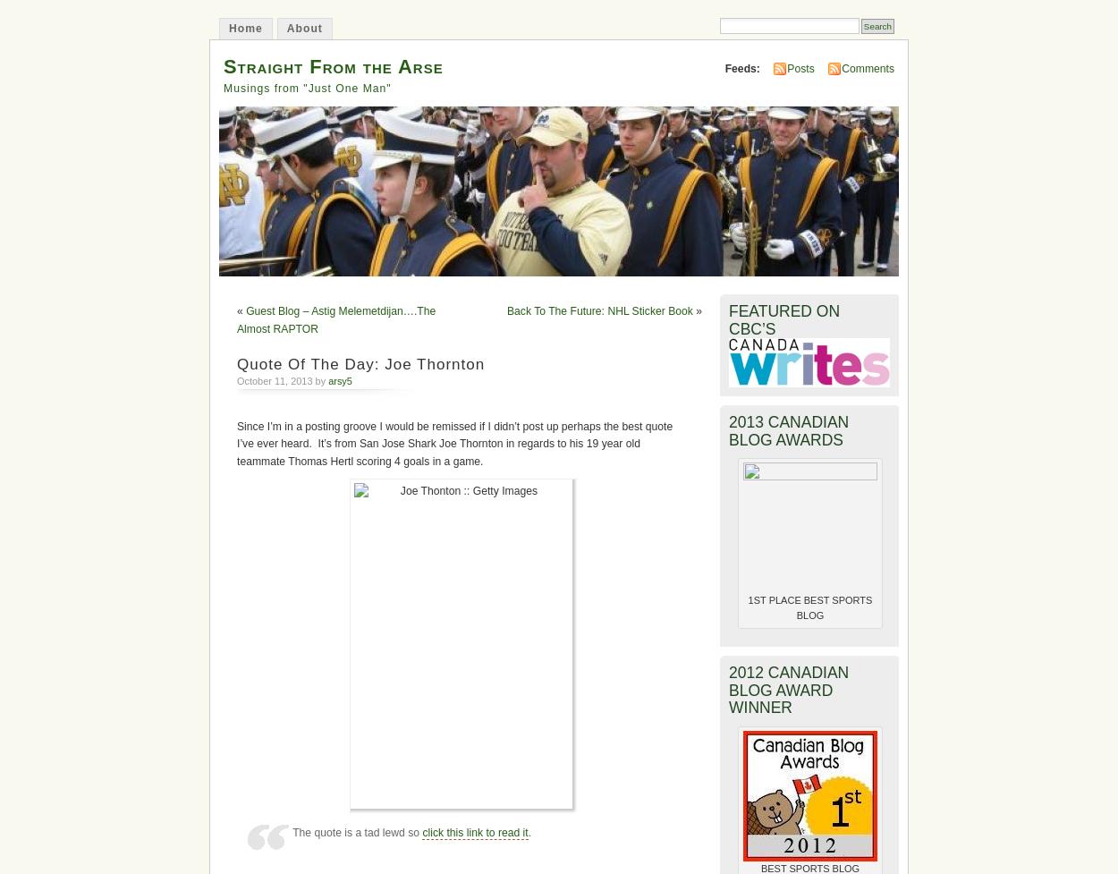  What do you see at coordinates (360, 364) in the screenshot?
I see `'Quote Of The Day: Joe Thornton'` at bounding box center [360, 364].